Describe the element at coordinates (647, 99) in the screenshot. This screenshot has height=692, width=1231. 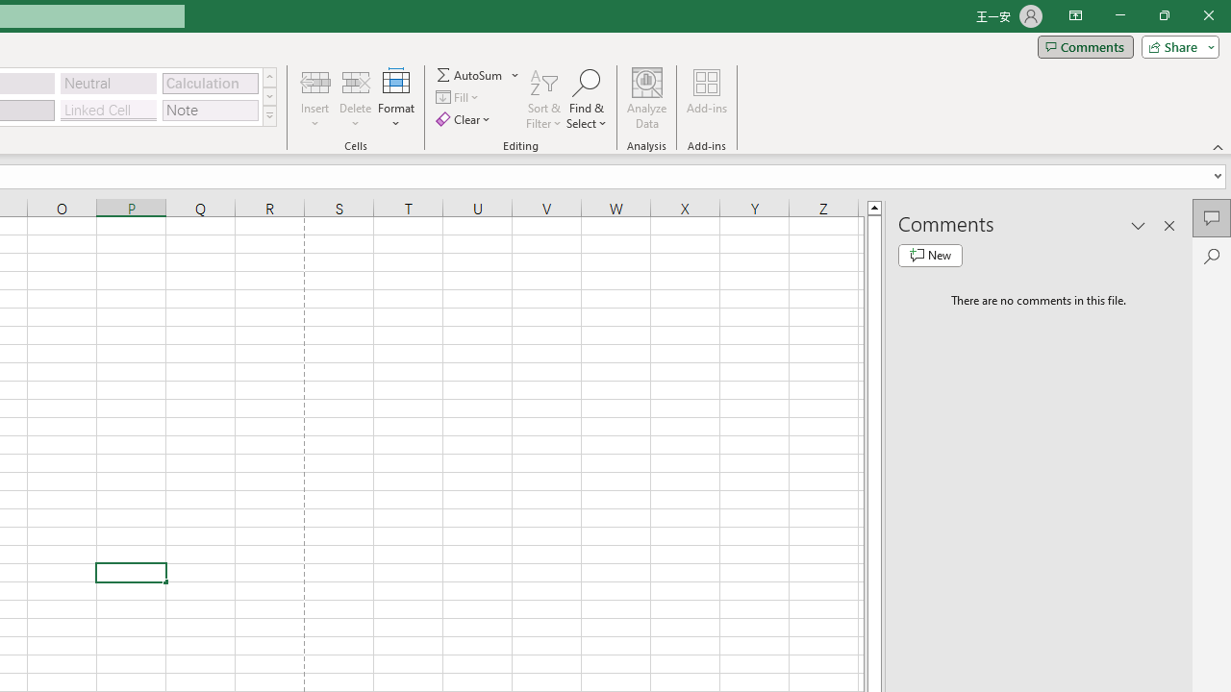
I see `'Analyze Data'` at that location.